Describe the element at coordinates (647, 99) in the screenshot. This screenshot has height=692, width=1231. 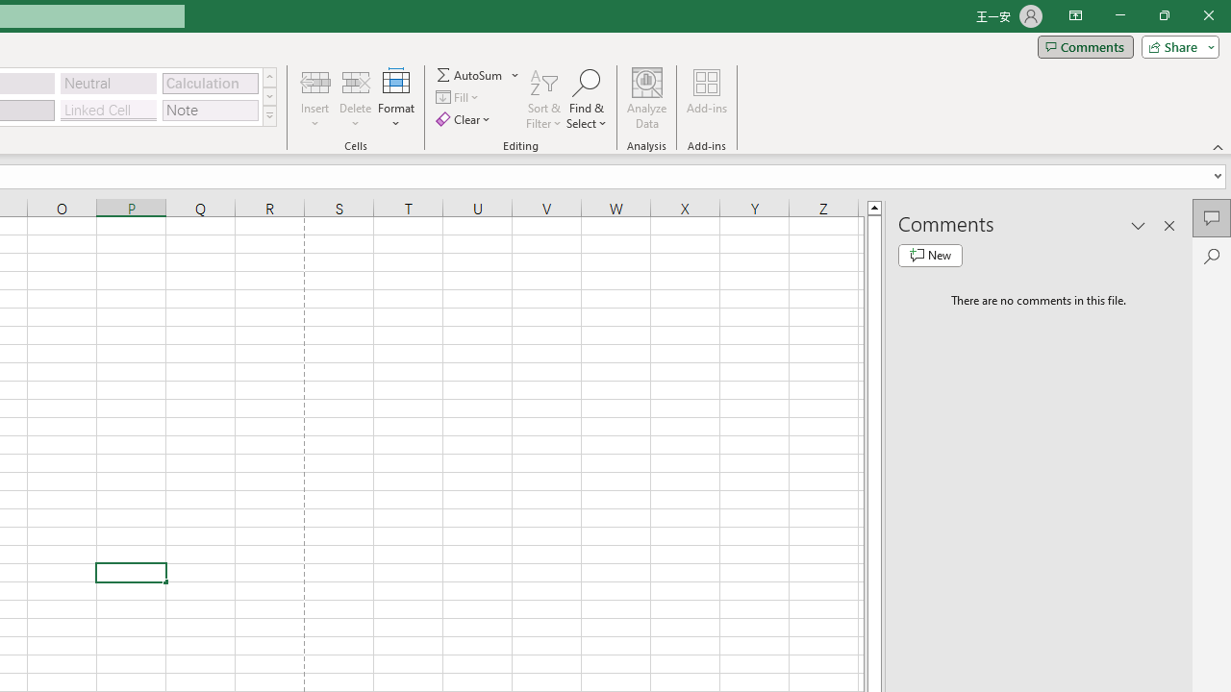
I see `'Analyze Data'` at that location.